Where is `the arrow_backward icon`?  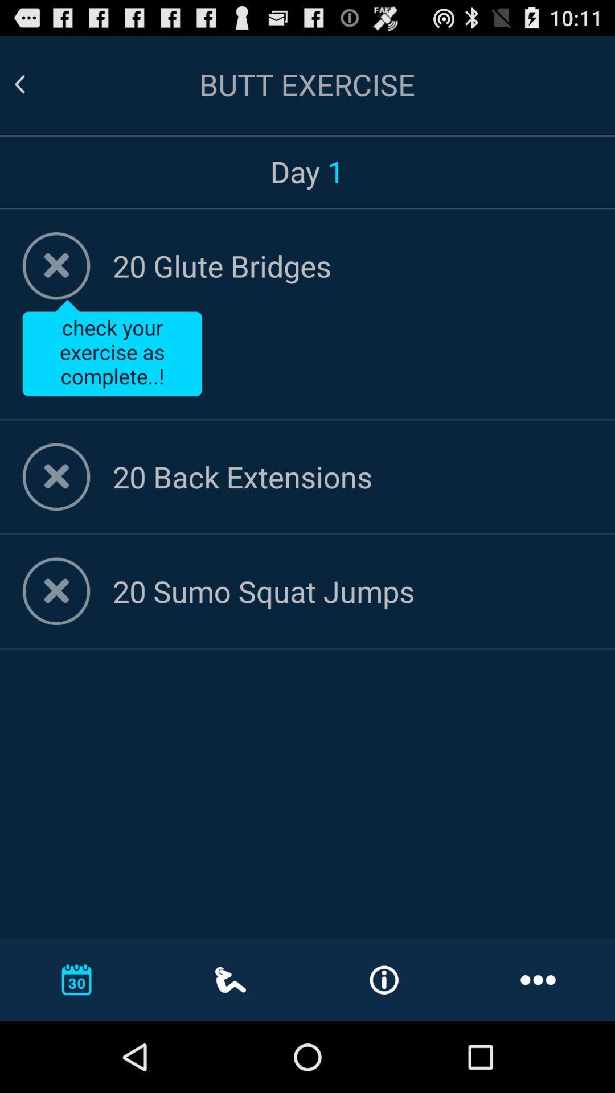 the arrow_backward icon is located at coordinates (33, 89).